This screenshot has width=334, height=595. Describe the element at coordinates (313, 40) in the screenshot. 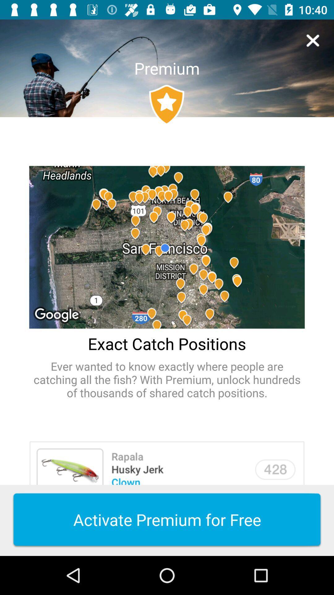

I see `exit page` at that location.